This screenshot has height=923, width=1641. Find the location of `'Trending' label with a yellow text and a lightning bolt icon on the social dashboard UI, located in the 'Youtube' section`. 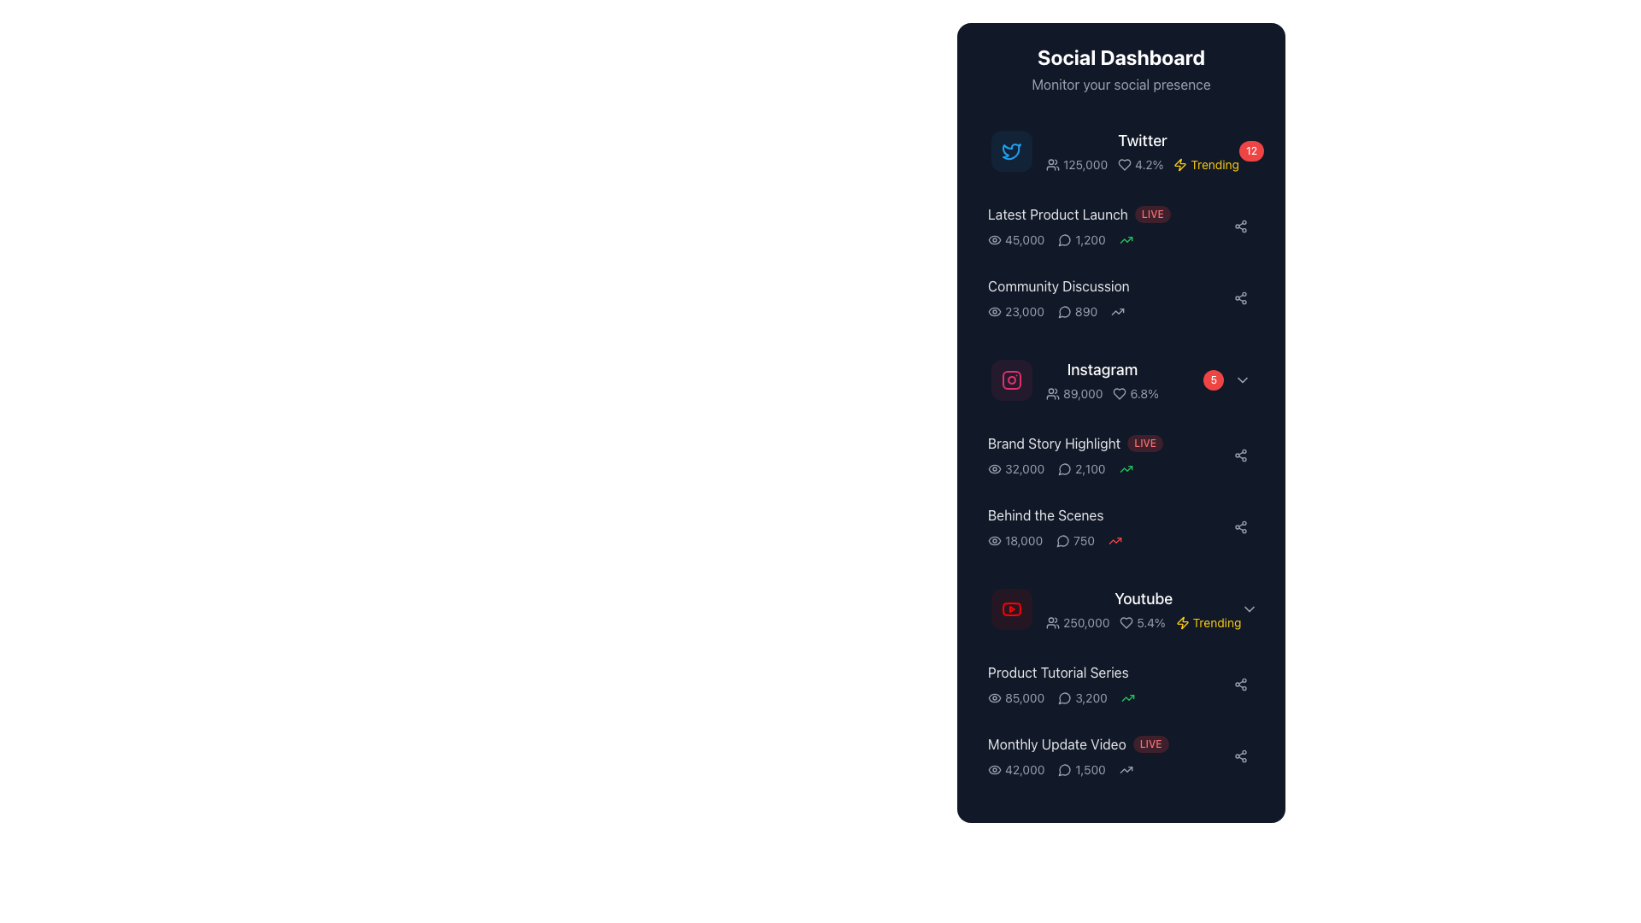

'Trending' label with a yellow text and a lightning bolt icon on the social dashboard UI, located in the 'Youtube' section is located at coordinates (1208, 623).